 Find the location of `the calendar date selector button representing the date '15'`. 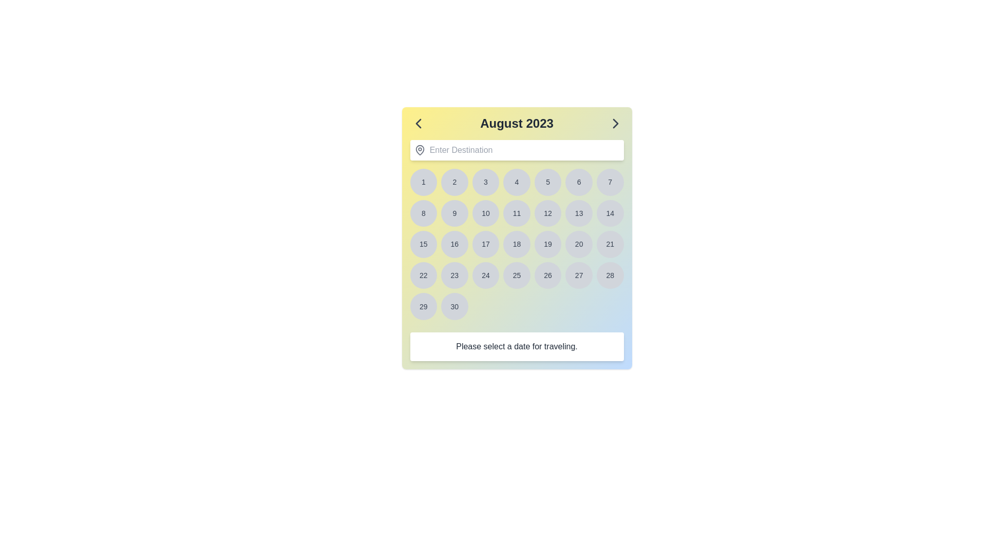

the calendar date selector button representing the date '15' is located at coordinates (423, 244).